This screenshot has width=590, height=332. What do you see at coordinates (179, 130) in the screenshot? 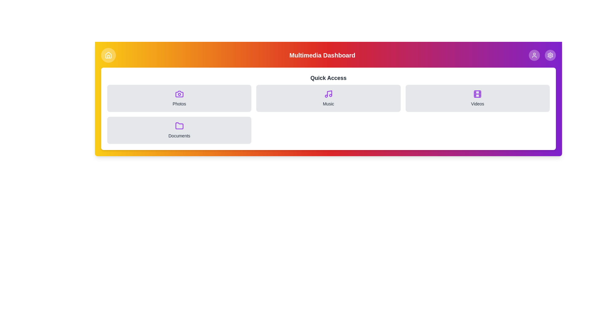
I see `the quick-access button for Documents` at bounding box center [179, 130].